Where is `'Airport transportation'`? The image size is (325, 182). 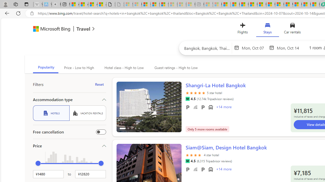
'Airport transportation' is located at coordinates (210, 169).